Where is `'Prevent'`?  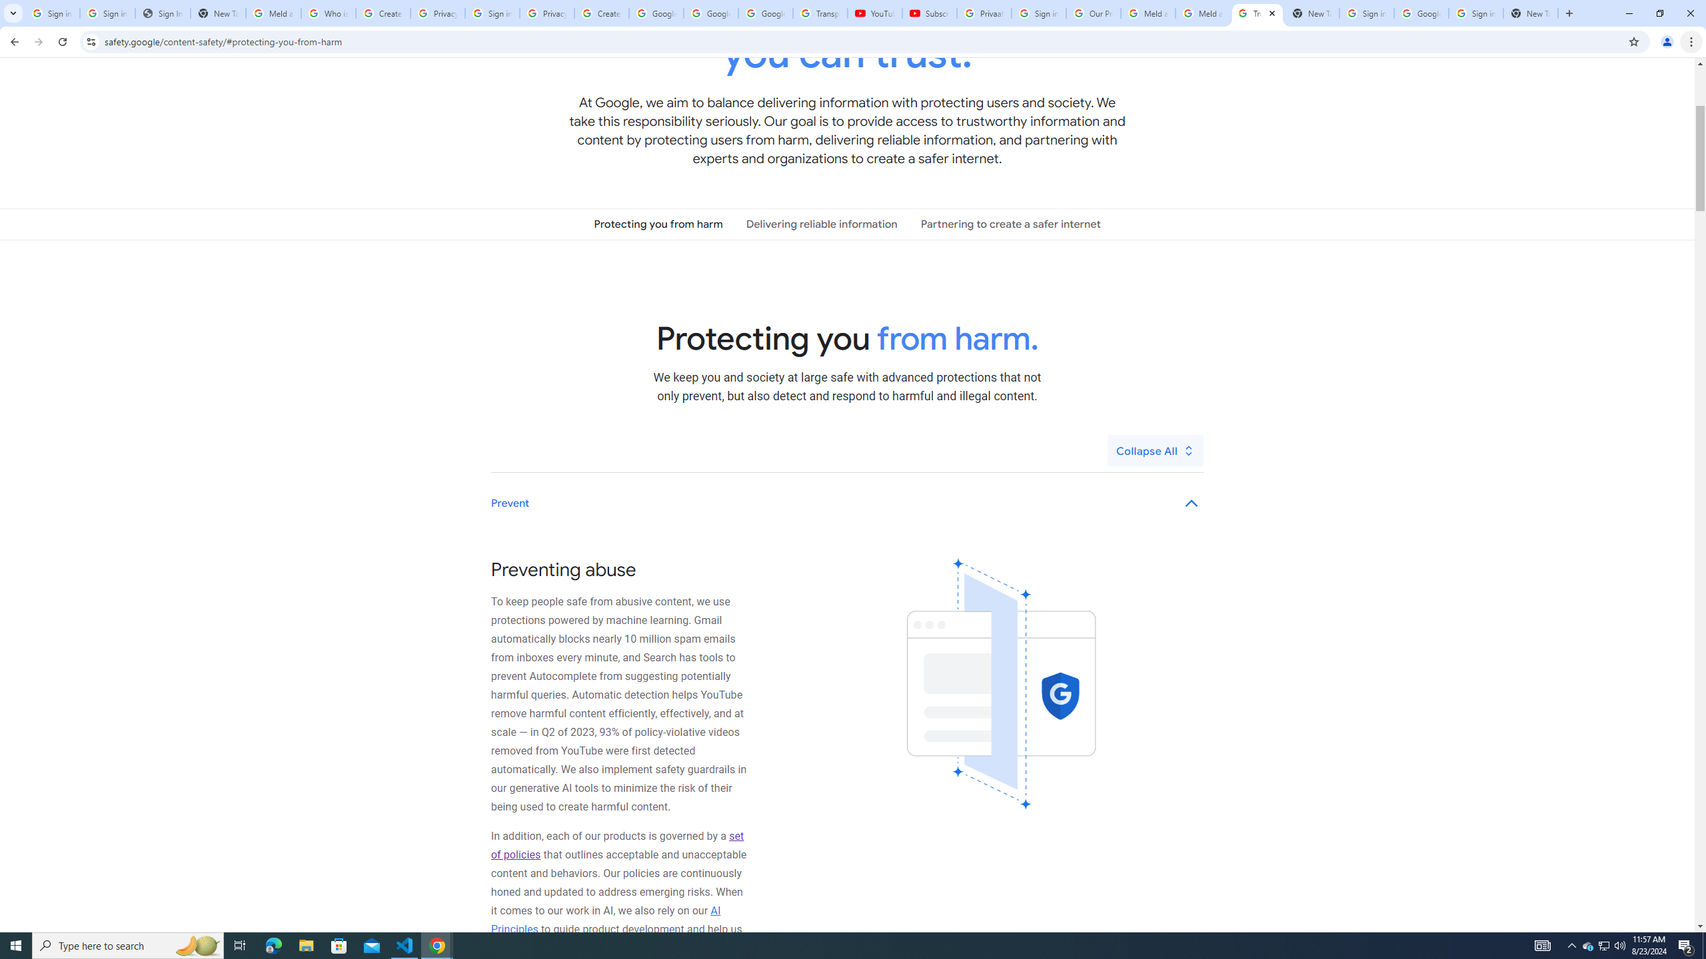
'Prevent' is located at coordinates (847, 503).